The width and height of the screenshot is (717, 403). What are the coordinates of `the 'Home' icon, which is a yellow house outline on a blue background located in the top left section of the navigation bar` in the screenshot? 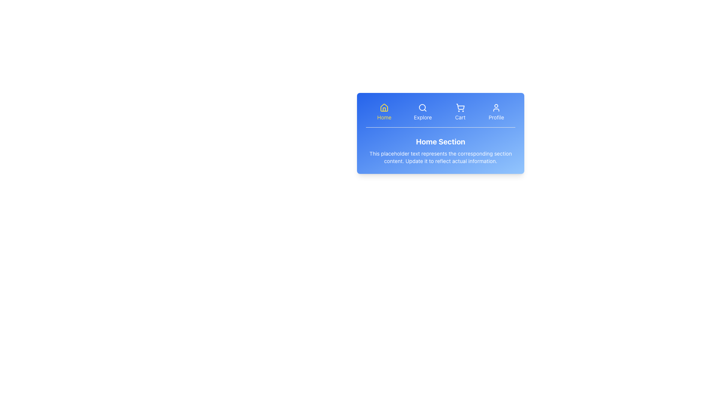 It's located at (384, 108).